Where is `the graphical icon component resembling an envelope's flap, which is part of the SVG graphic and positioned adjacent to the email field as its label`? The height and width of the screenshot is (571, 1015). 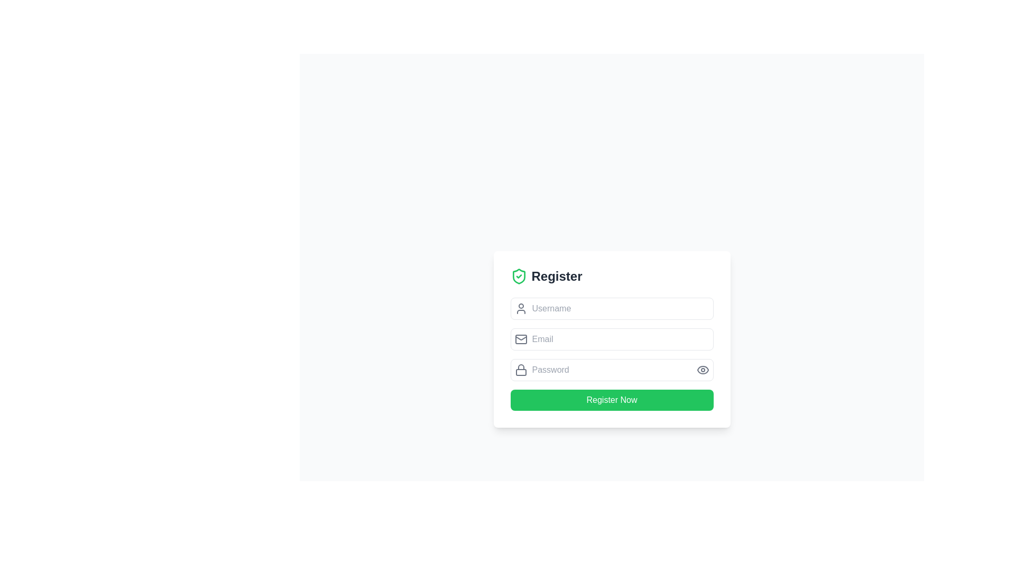 the graphical icon component resembling an envelope's flap, which is part of the SVG graphic and positioned adjacent to the email field as its label is located at coordinates (521, 338).